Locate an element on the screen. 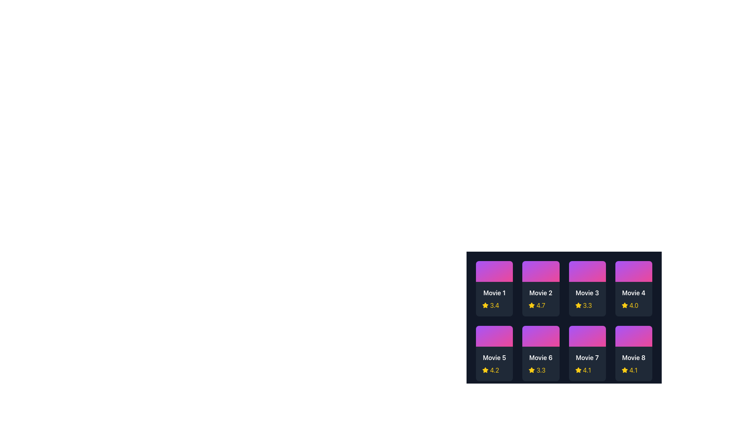  the static informational component displaying the title 'Movie 7' with a rating of '4.1' and a yellow star icon, located in the second row, third column of the grid layout is located at coordinates (587, 364).